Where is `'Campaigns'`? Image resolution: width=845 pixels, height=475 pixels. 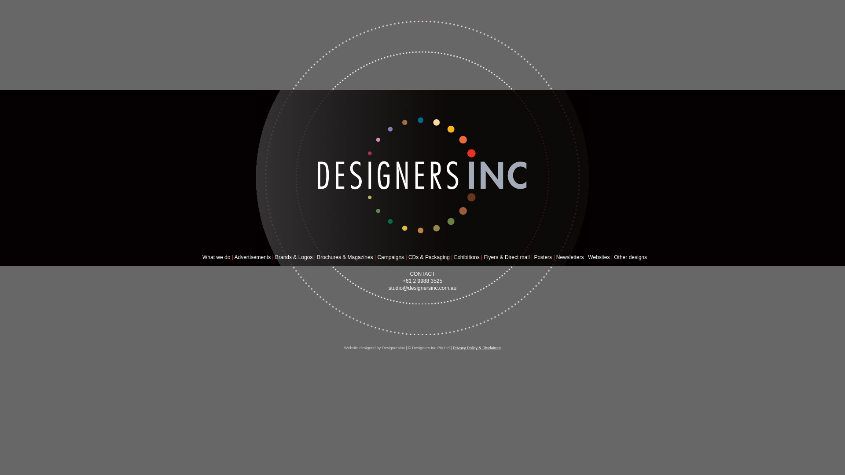
'Campaigns' is located at coordinates (390, 257).